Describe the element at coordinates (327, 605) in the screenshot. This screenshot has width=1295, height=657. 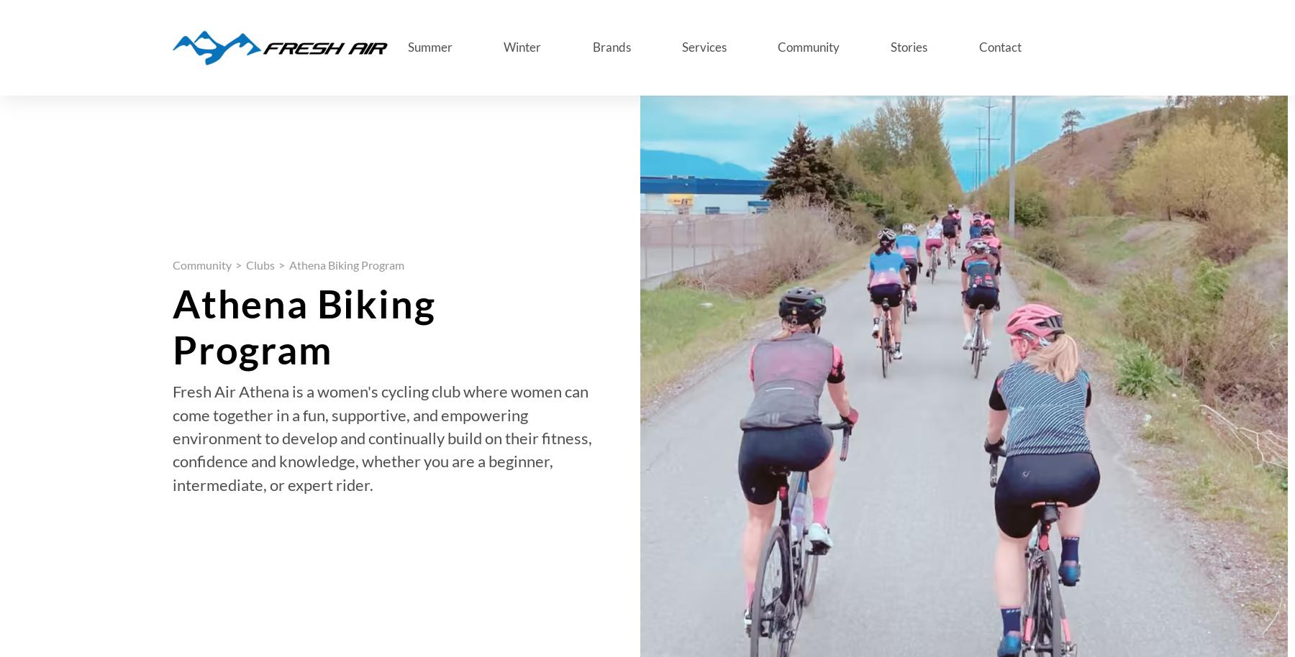
I see `'Fresh Air Mini Vlog 11: Taylor Swift, Bike Riding, Black Friday Coming up and the holidays'` at that location.